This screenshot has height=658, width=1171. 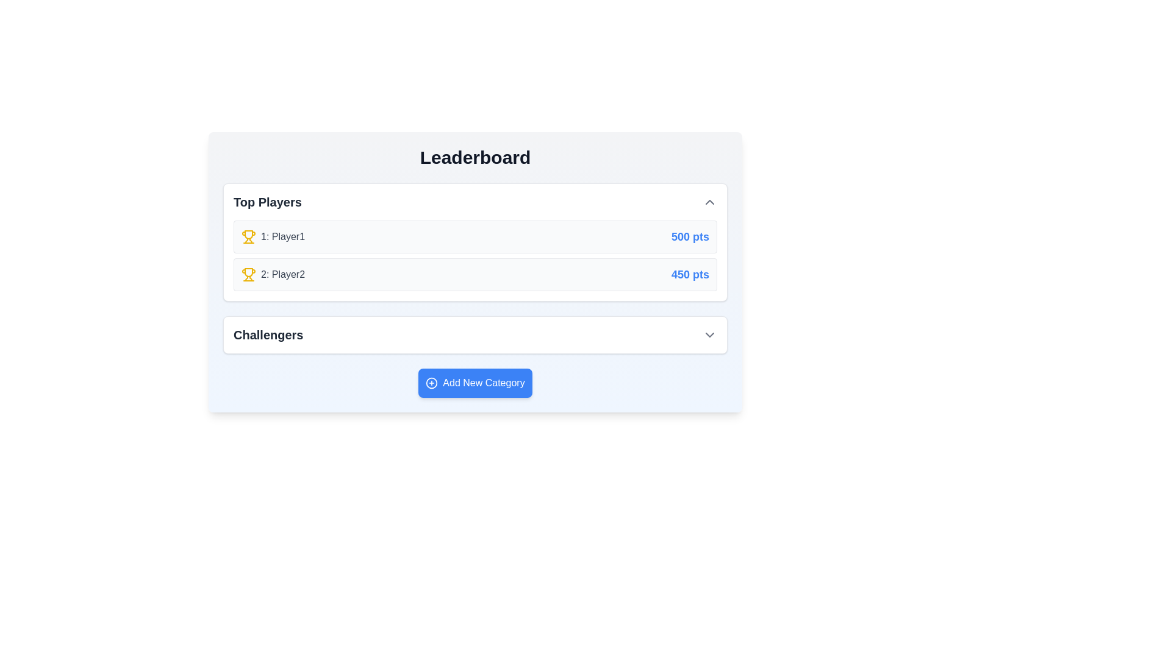 What do you see at coordinates (248, 272) in the screenshot?
I see `the upper portion of the trophy icon, which is styled with a gold fill and is located to the left of the text 'Player1' in the 'Top Players' section of the leaderboard interface` at bounding box center [248, 272].